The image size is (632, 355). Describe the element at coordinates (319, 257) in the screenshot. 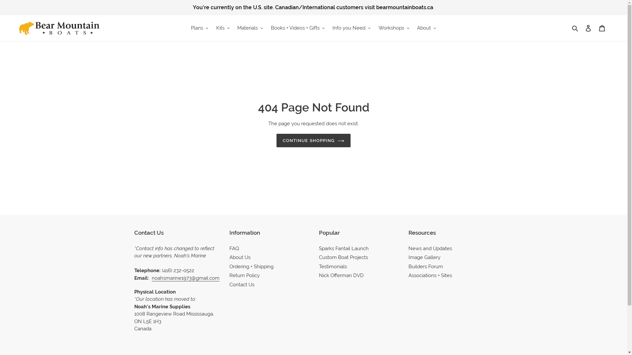

I see `'Custom Boat Projects'` at that location.